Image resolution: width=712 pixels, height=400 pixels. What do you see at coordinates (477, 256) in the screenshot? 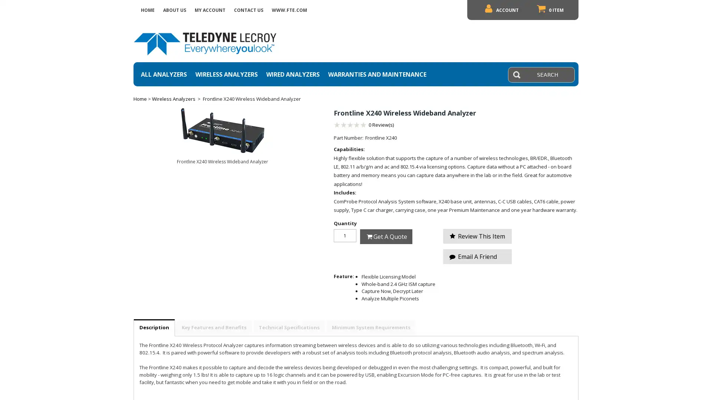
I see `Email A Friend` at bounding box center [477, 256].